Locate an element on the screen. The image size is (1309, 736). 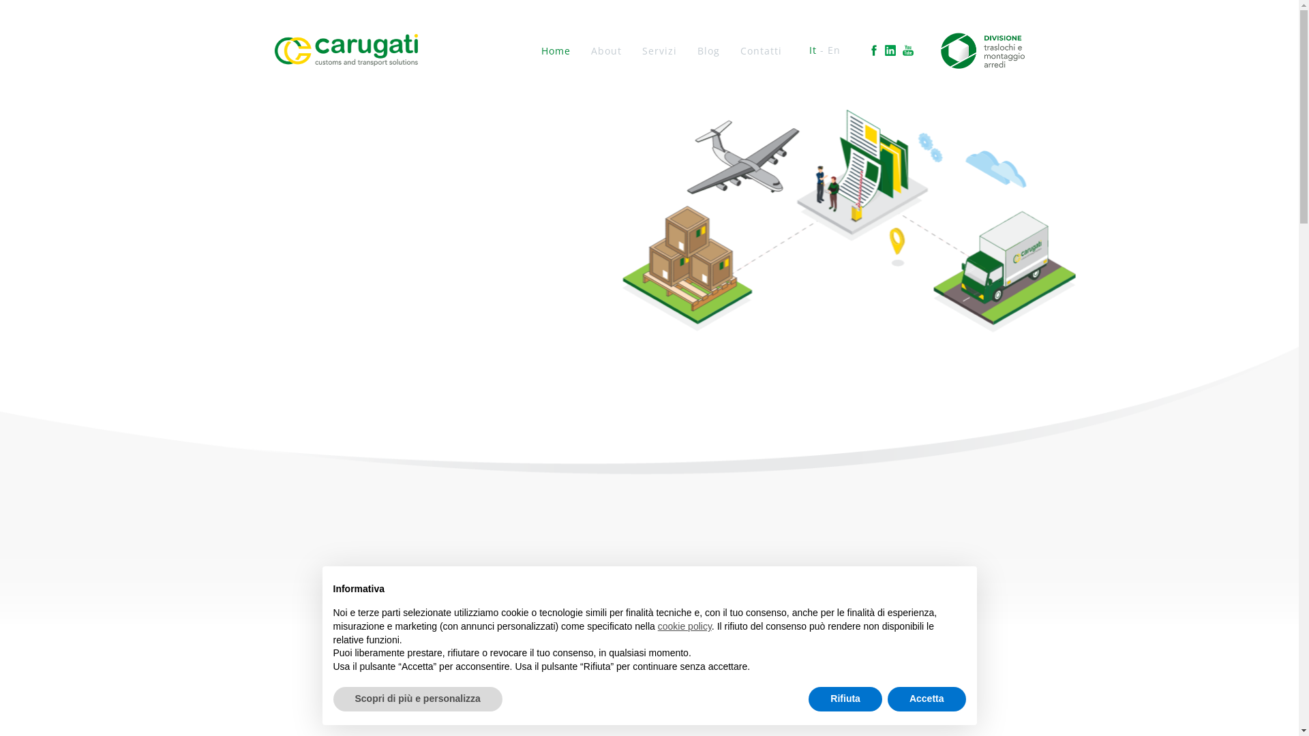
'En' is located at coordinates (833, 49).